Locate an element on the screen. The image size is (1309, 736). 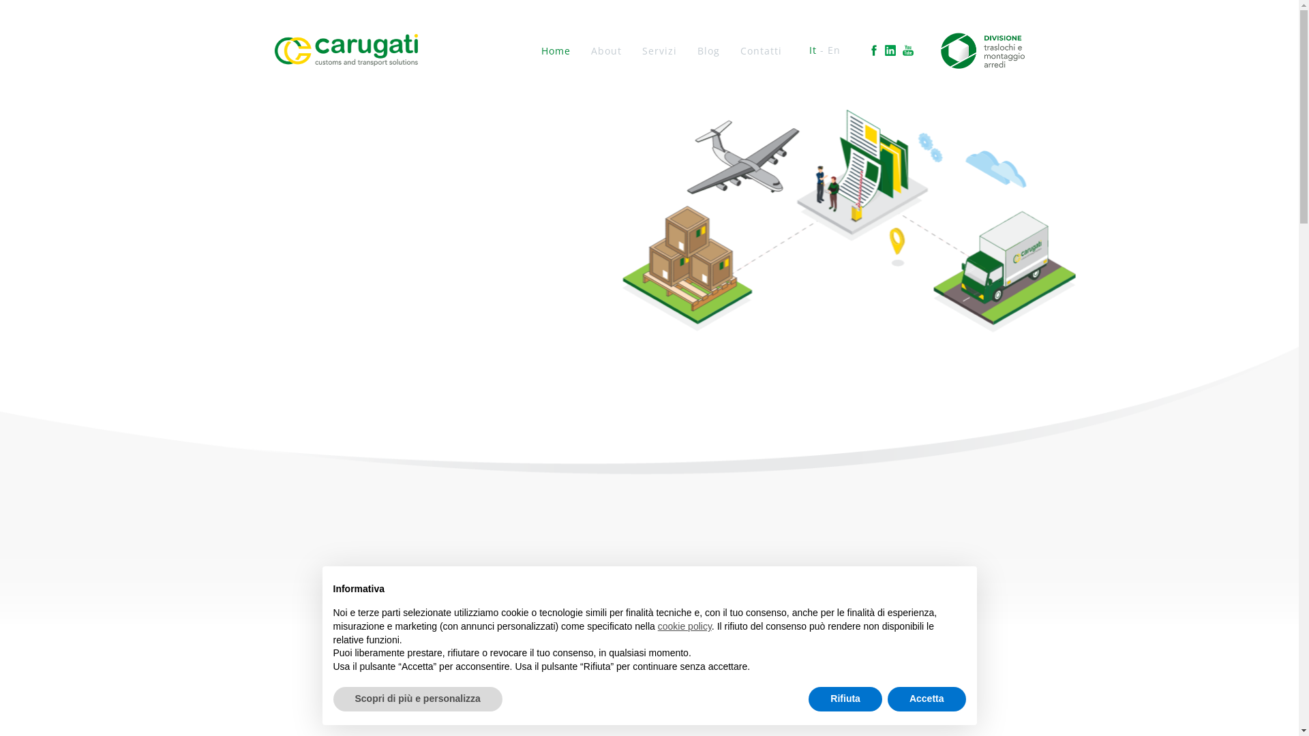
'En' is located at coordinates (833, 49).